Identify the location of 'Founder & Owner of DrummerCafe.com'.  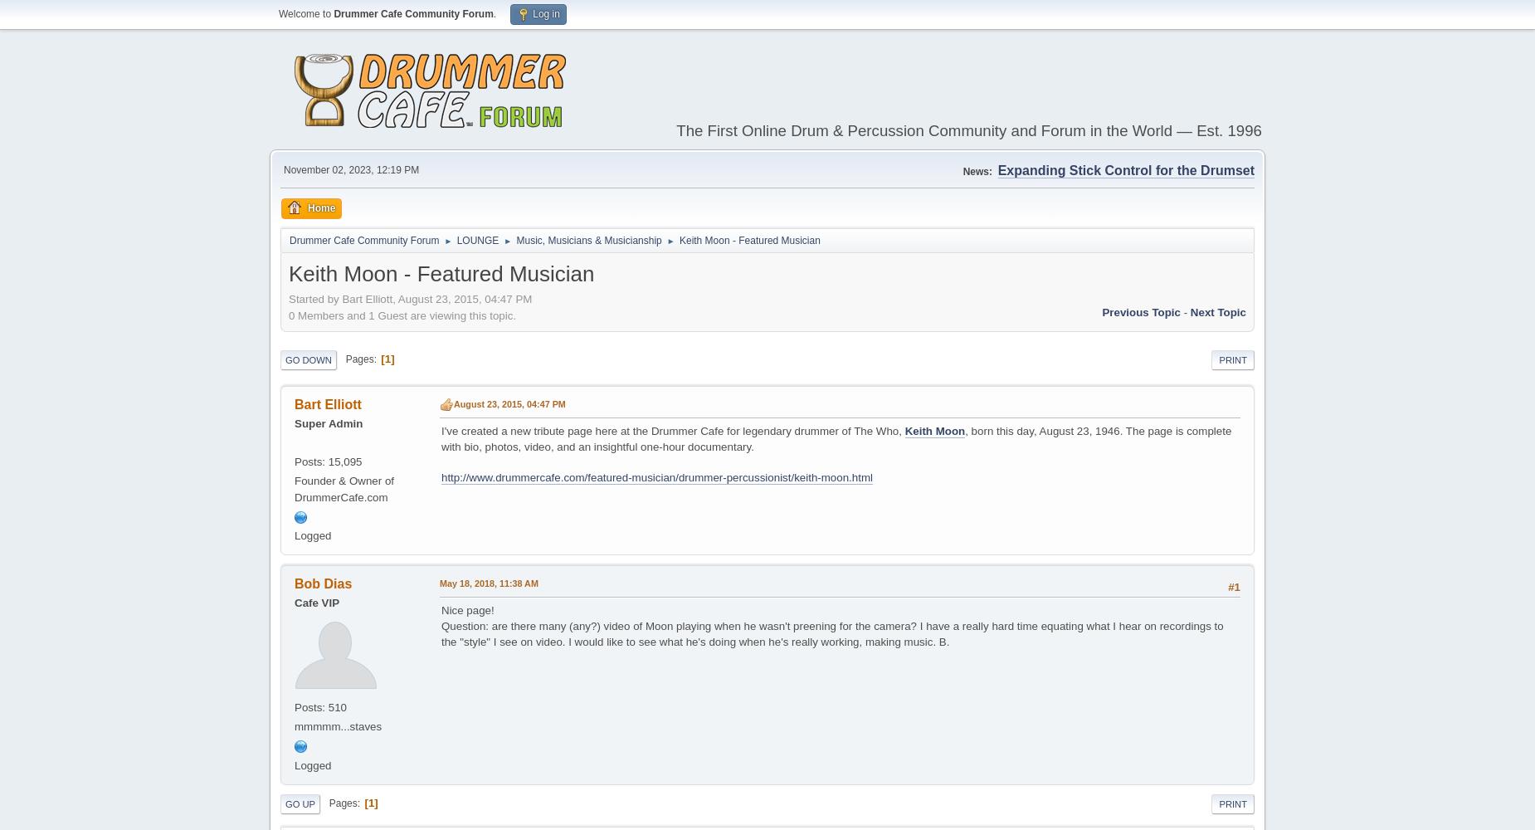
(343, 487).